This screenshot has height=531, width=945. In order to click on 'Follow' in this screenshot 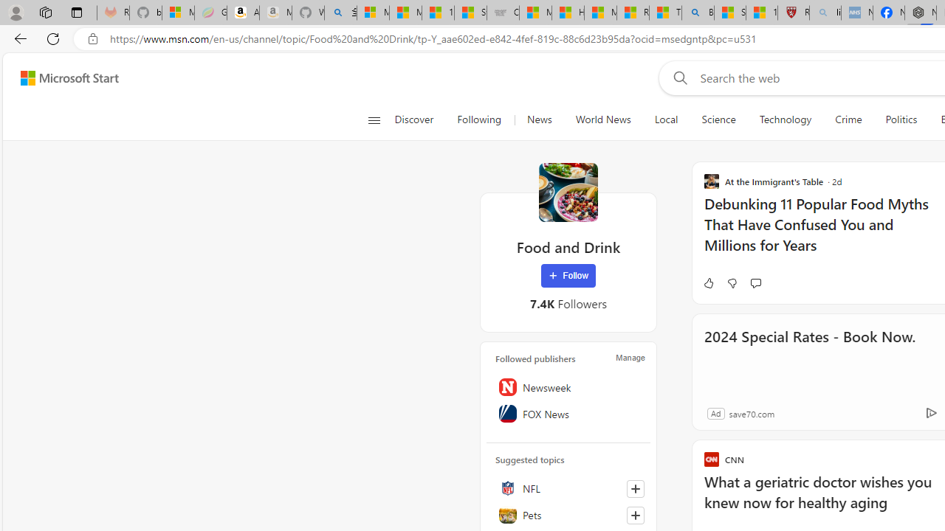, I will do `click(567, 276)`.